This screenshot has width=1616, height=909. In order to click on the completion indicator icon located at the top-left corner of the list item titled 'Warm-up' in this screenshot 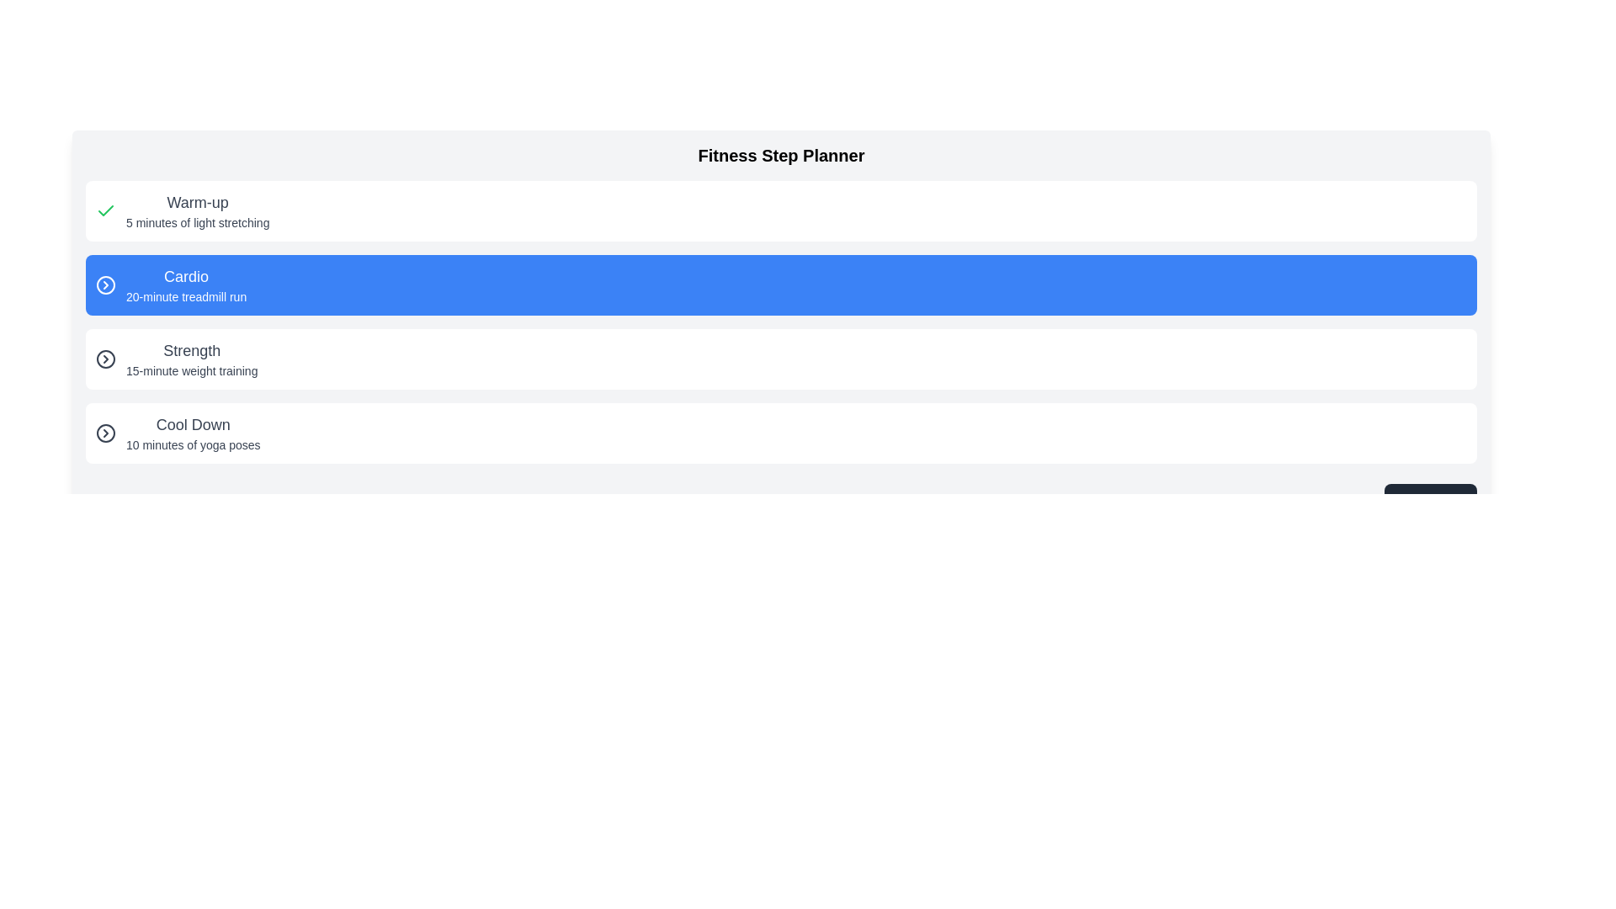, I will do `click(104, 210)`.